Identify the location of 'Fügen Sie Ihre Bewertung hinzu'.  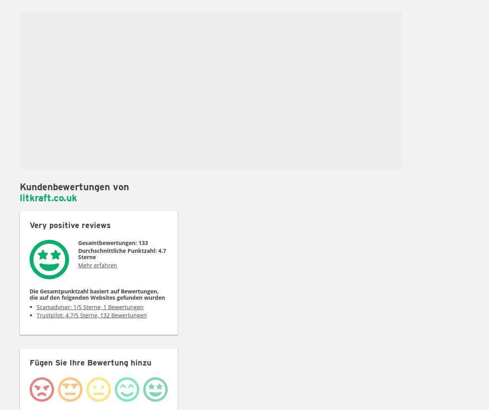
(90, 362).